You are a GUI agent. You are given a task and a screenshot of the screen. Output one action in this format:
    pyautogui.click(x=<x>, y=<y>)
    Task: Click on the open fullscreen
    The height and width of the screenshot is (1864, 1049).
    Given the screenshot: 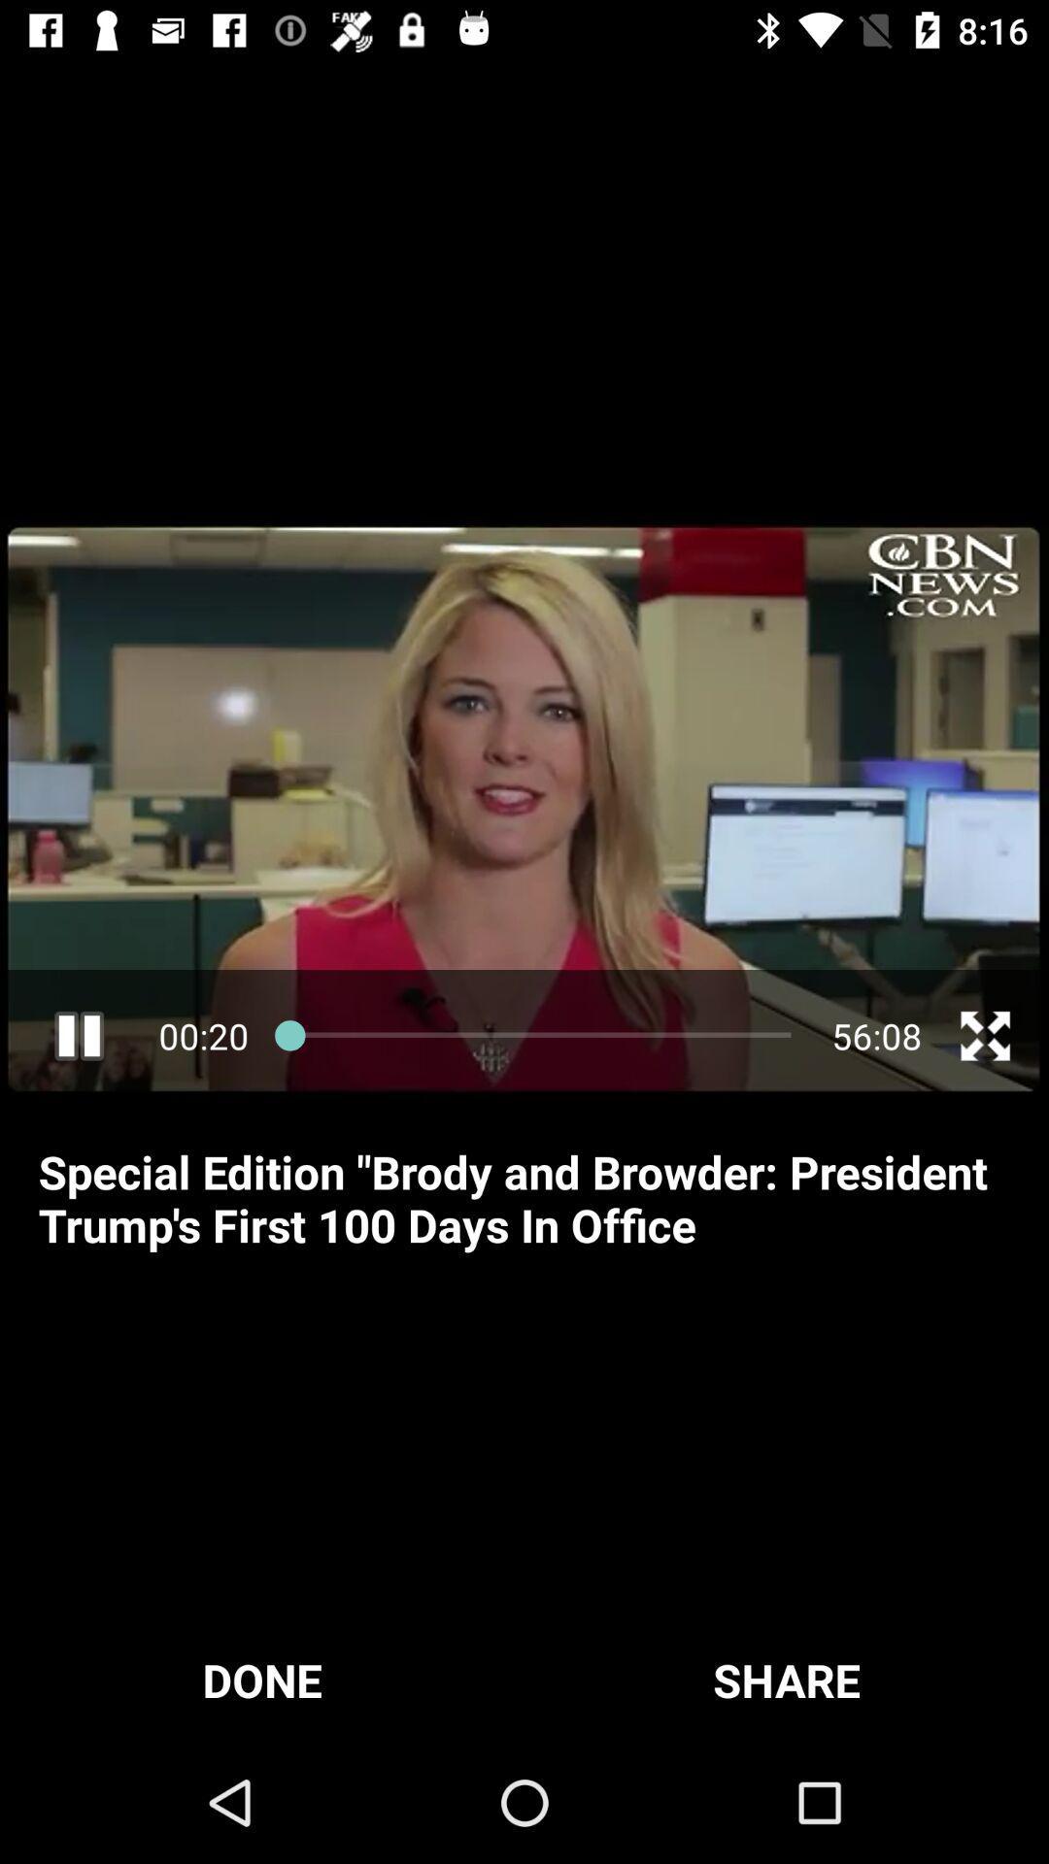 What is the action you would take?
    pyautogui.click(x=985, y=1035)
    